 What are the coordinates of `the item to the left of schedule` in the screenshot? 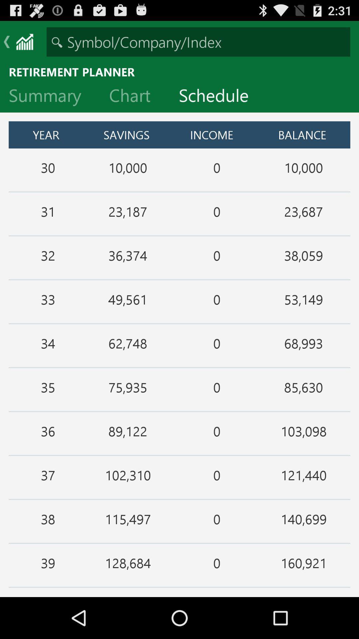 It's located at (135, 97).